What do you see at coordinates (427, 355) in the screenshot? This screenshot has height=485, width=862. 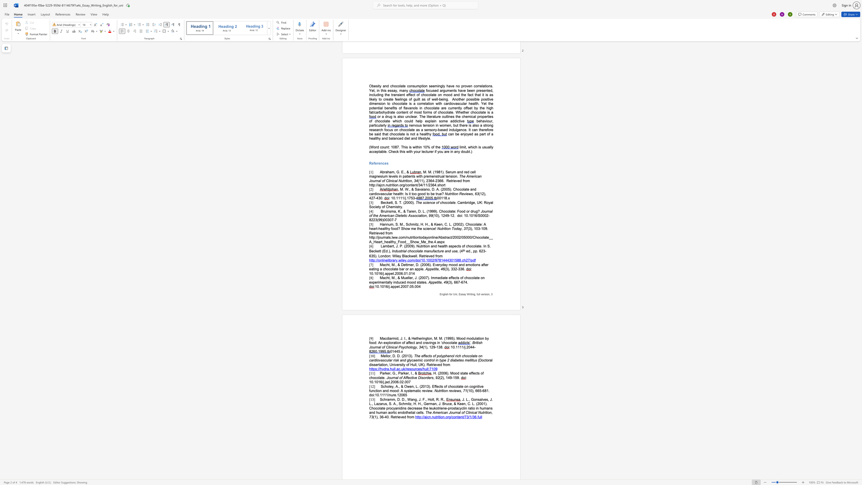 I see `the subset text "cts of p" within the text "The effects of polyphenol rich chocolate on cardiovascular risk and glycaemic control in type 2 diabetes mellitus"` at bounding box center [427, 355].